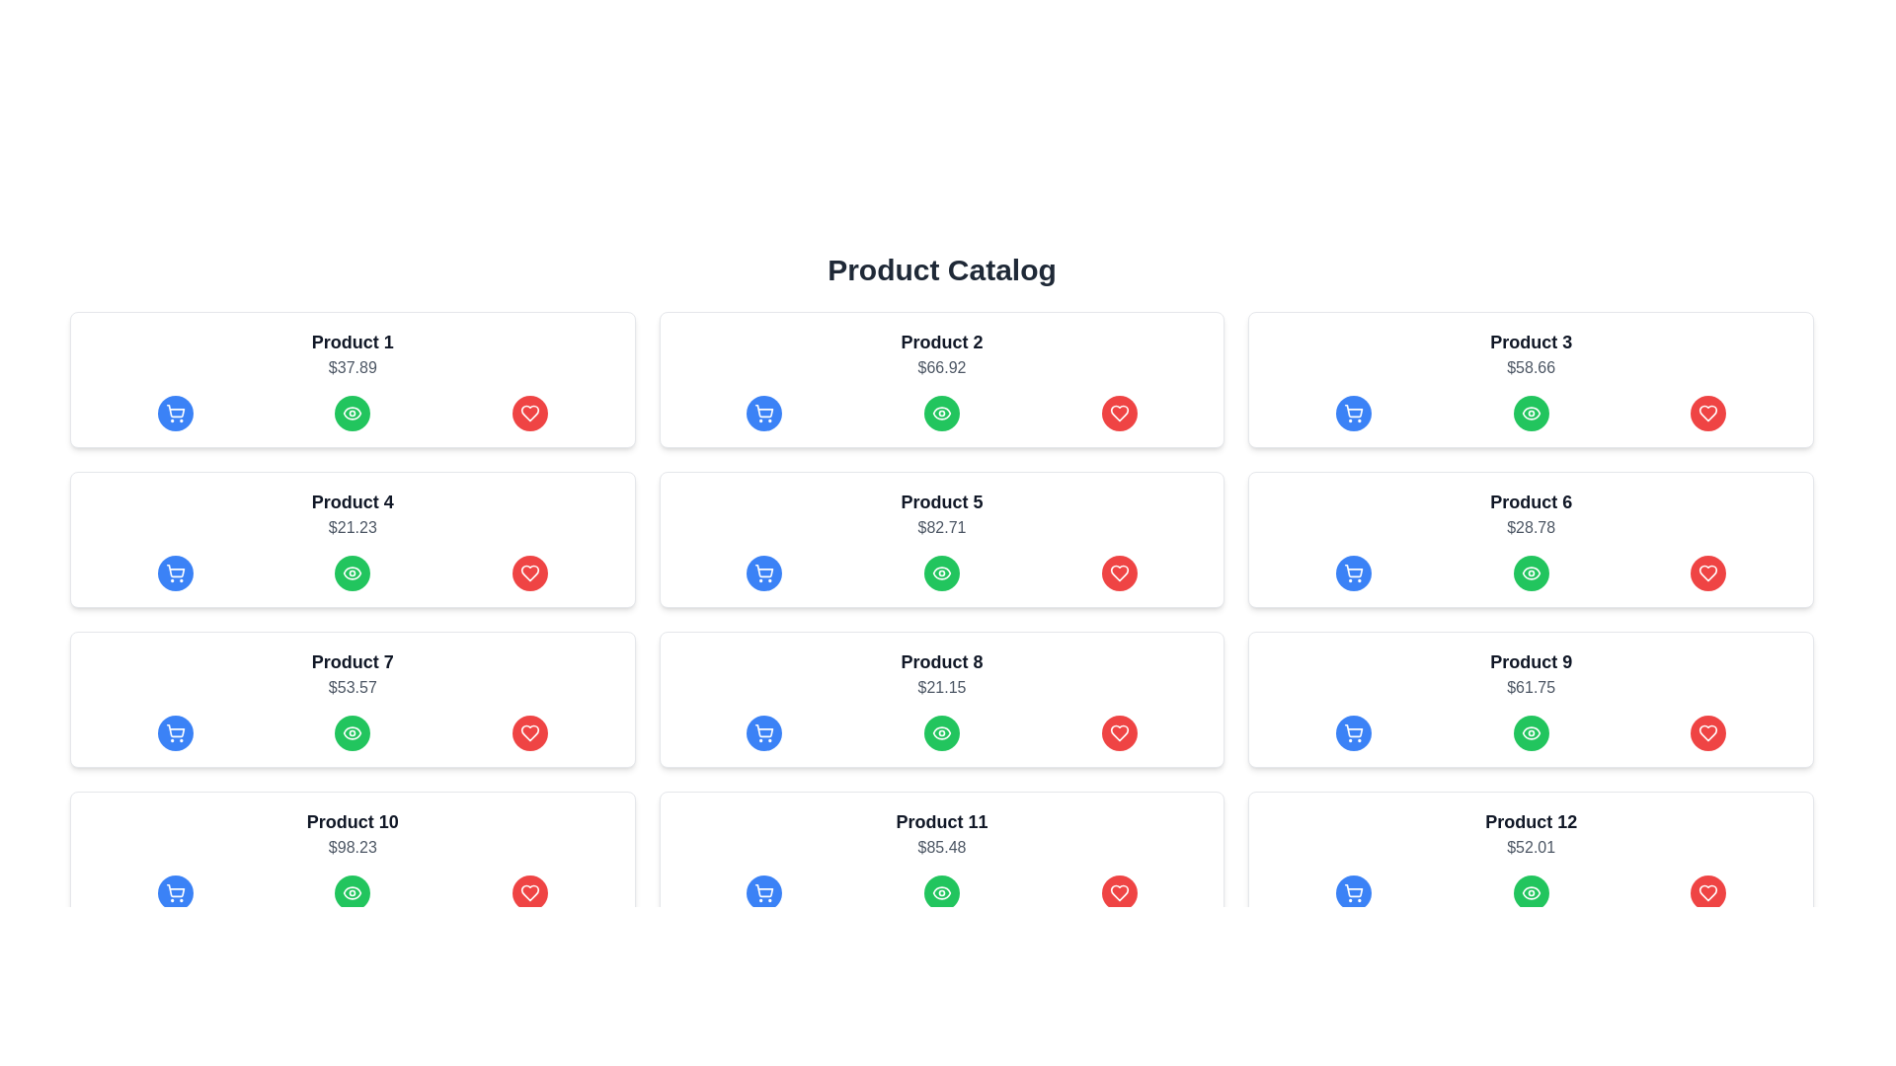 Image resolution: width=1896 pixels, height=1066 pixels. Describe the element at coordinates (353, 859) in the screenshot. I see `the blue shopping cart, green eye, and red heart buttons located at the bottom of the 'Product 10' card` at that location.